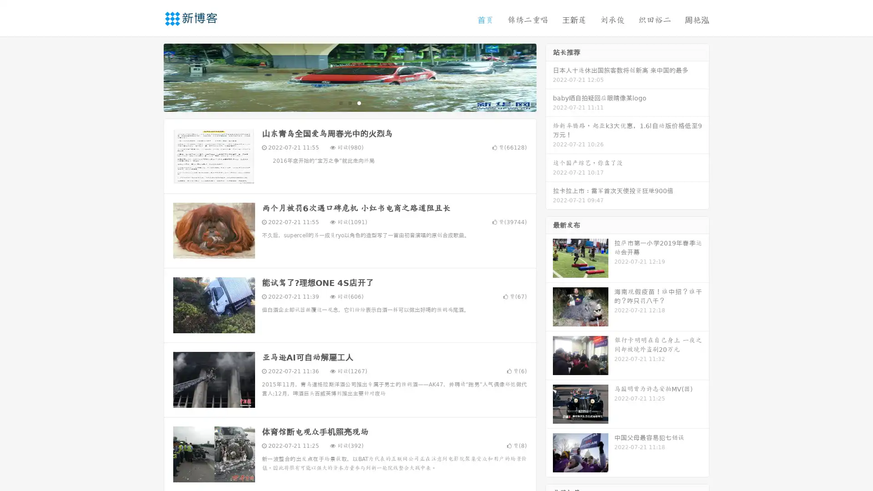 Image resolution: width=873 pixels, height=491 pixels. What do you see at coordinates (349, 102) in the screenshot?
I see `Go to slide 2` at bounding box center [349, 102].